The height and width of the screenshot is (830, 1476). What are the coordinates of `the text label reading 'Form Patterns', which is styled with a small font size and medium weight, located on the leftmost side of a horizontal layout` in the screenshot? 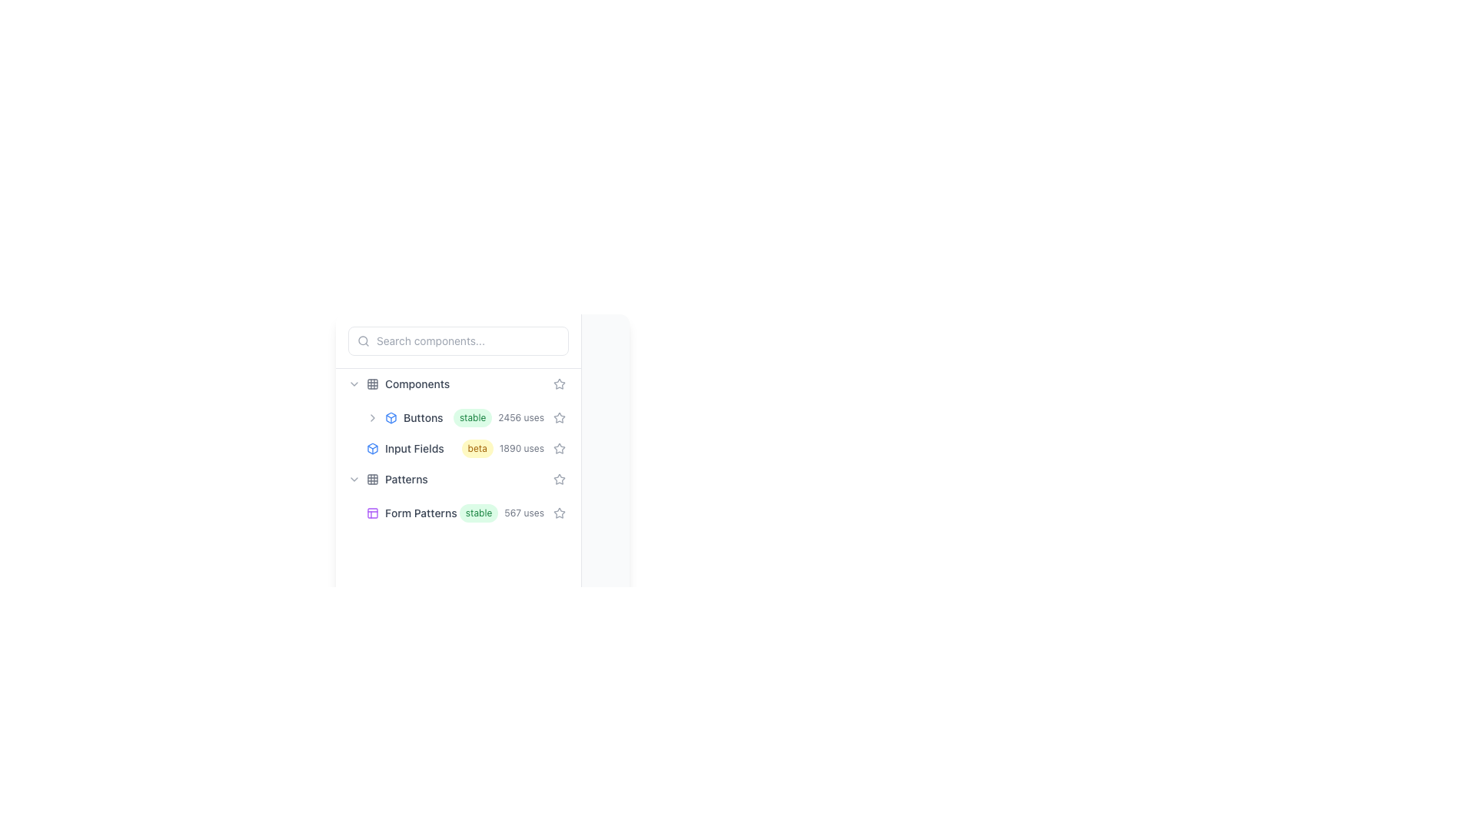 It's located at (413, 513).